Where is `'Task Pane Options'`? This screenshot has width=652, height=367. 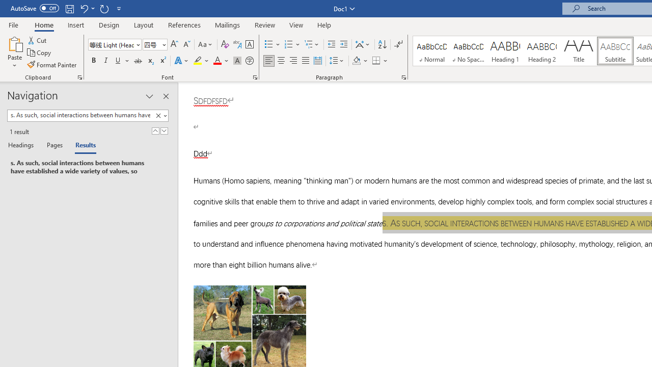 'Task Pane Options' is located at coordinates (149, 96).